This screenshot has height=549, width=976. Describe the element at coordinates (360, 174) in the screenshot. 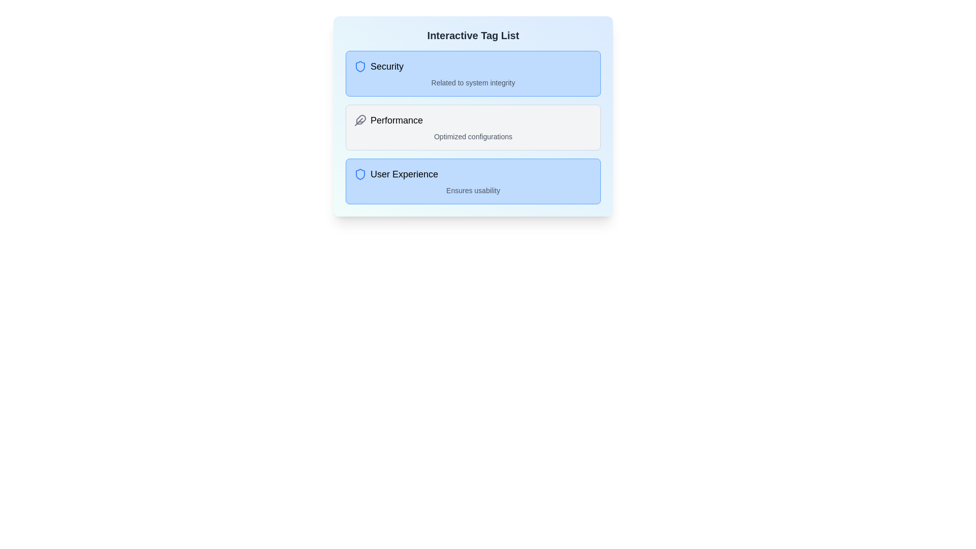

I see `the tag by clicking on its icon, identified by the tag name User Experience` at that location.